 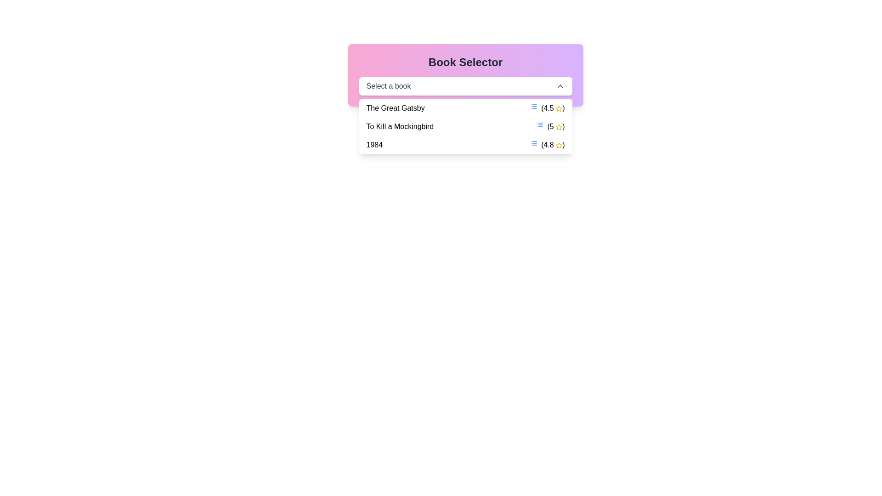 What do you see at coordinates (374, 145) in the screenshot?
I see `the label displaying the title '1984' in the dropdown list under 'Book Selector', which is in the third row and positioned to the left of the rating information '(4.8)'` at bounding box center [374, 145].